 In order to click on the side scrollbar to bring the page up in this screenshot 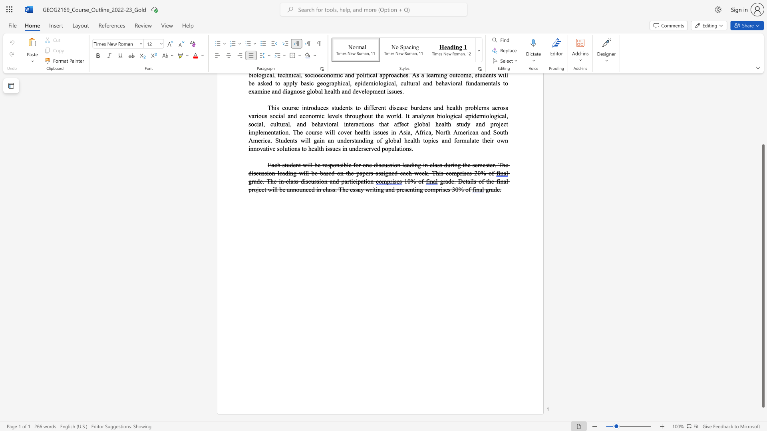, I will do `click(763, 127)`.